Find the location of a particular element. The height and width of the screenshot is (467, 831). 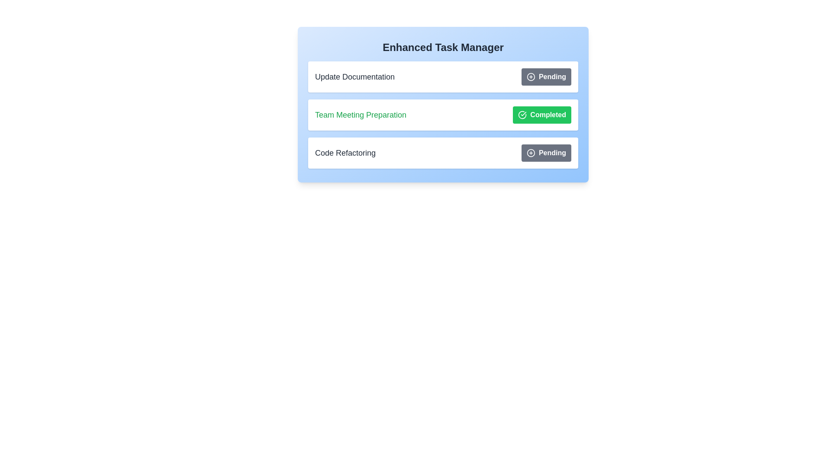

the button corresponding to the task Team Meeting Preparation is located at coordinates (541, 115).